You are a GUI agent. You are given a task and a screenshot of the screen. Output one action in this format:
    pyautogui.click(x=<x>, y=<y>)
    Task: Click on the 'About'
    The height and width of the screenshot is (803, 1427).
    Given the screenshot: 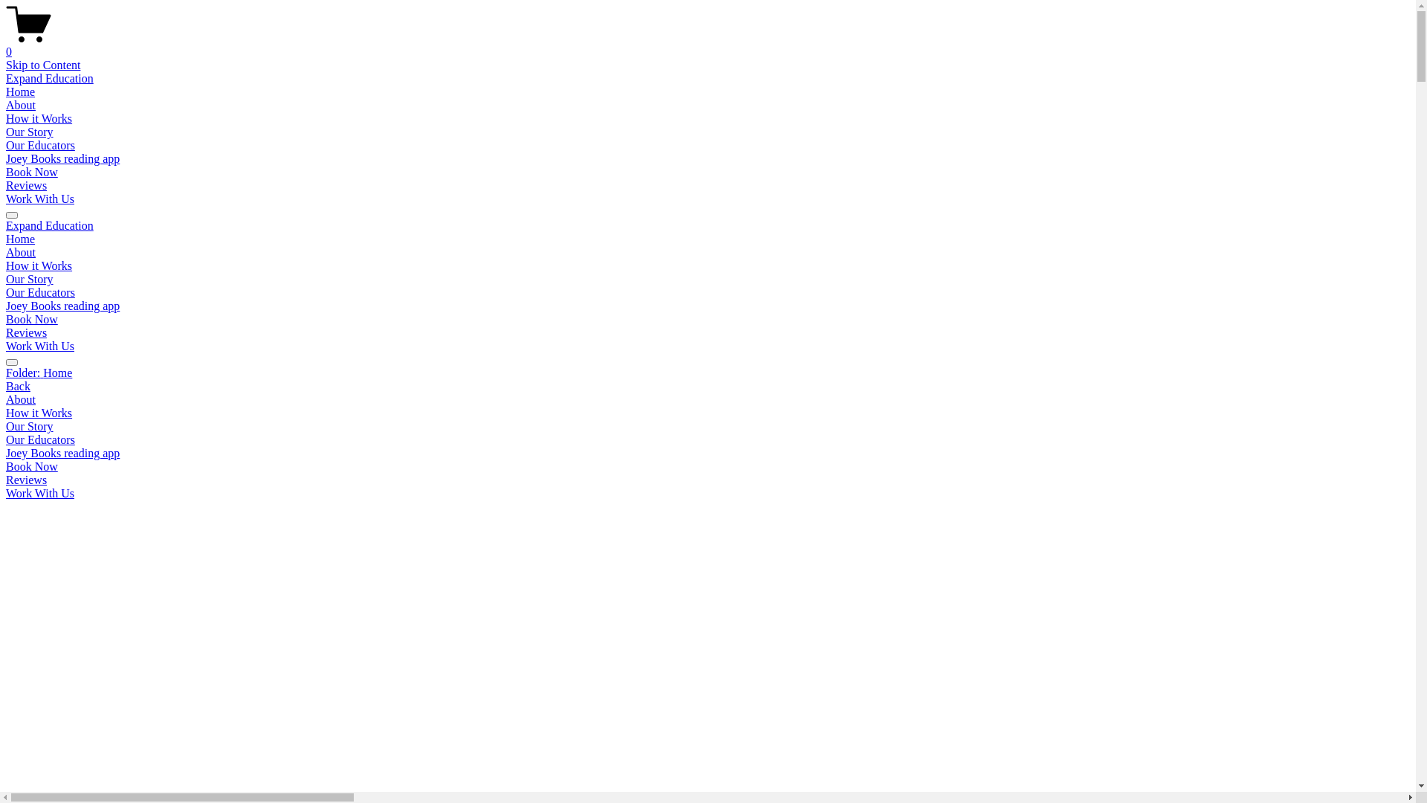 What is the action you would take?
    pyautogui.click(x=21, y=251)
    